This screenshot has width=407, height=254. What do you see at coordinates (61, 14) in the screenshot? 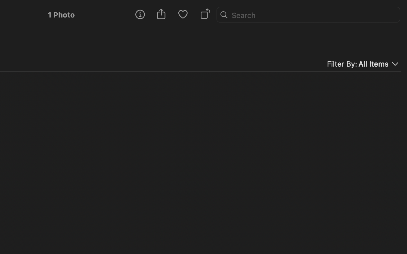
I see `'1 Photo'` at bounding box center [61, 14].